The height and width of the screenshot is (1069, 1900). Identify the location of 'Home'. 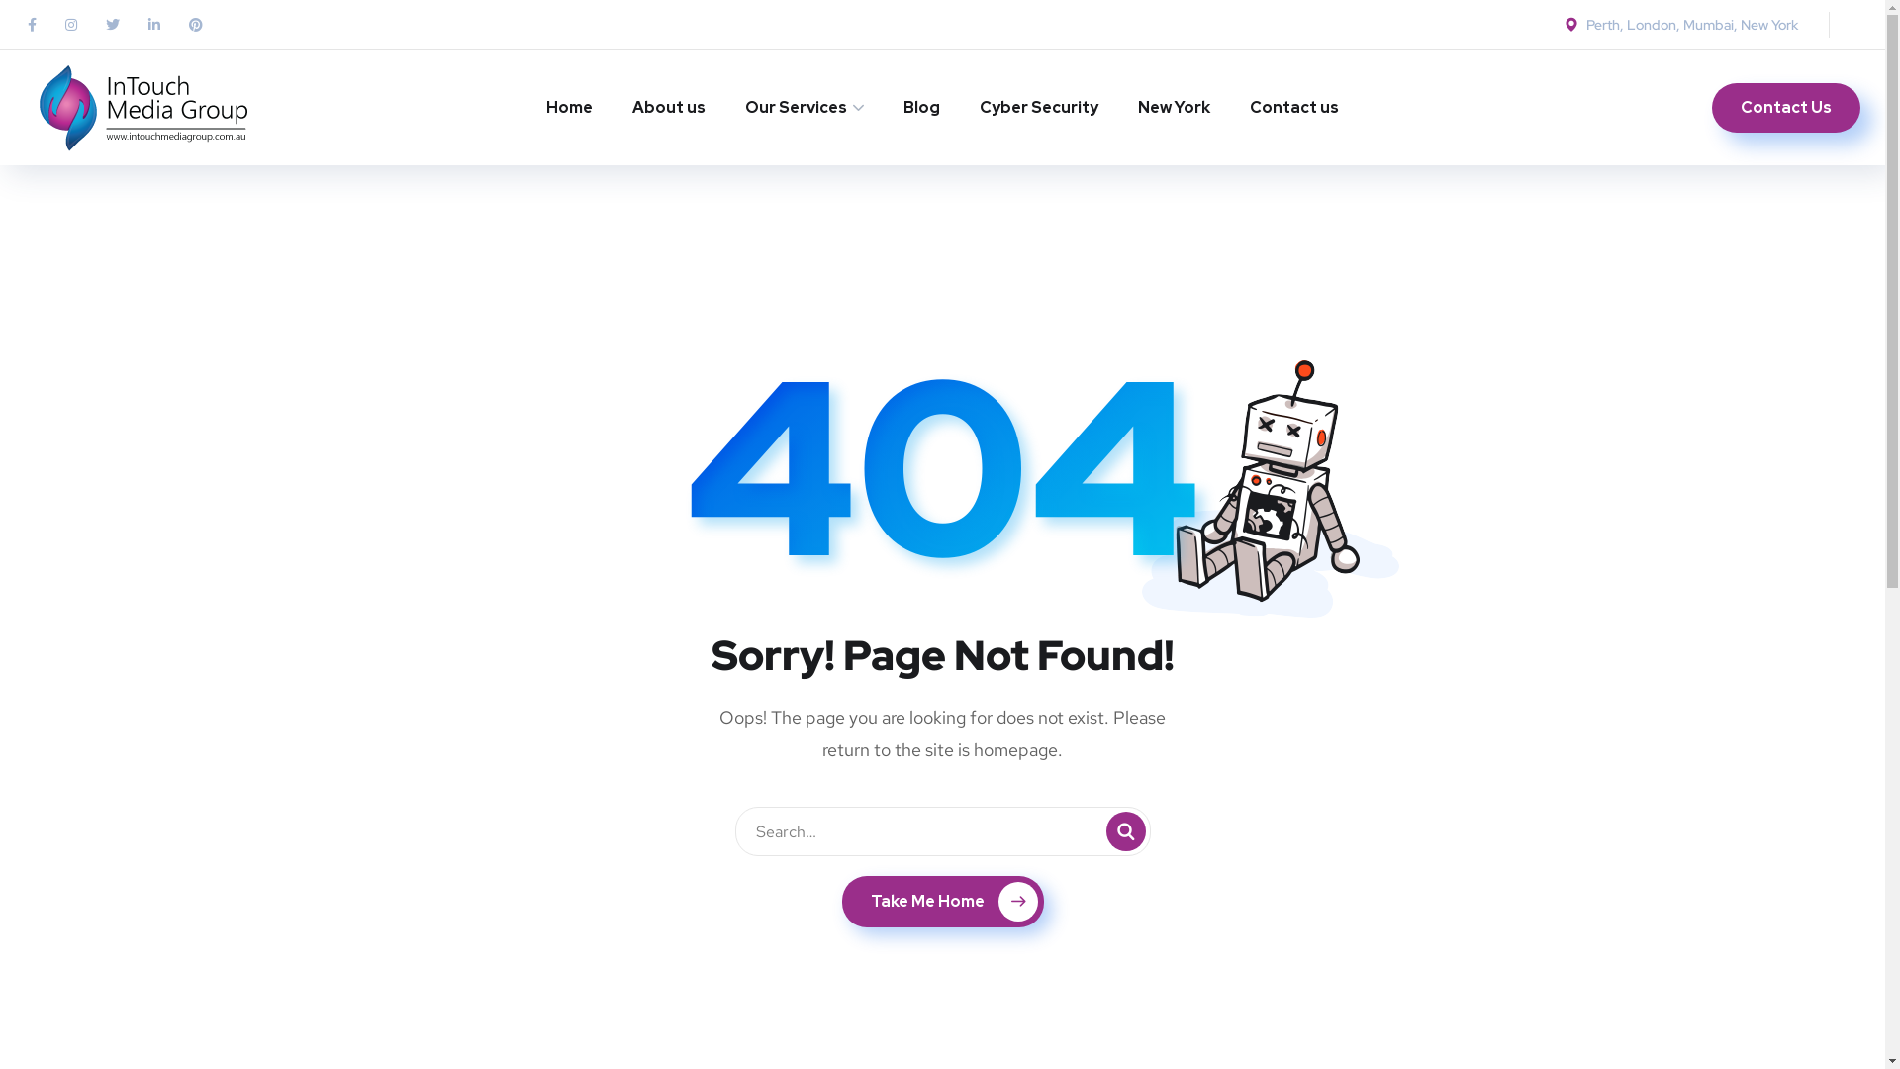
(568, 107).